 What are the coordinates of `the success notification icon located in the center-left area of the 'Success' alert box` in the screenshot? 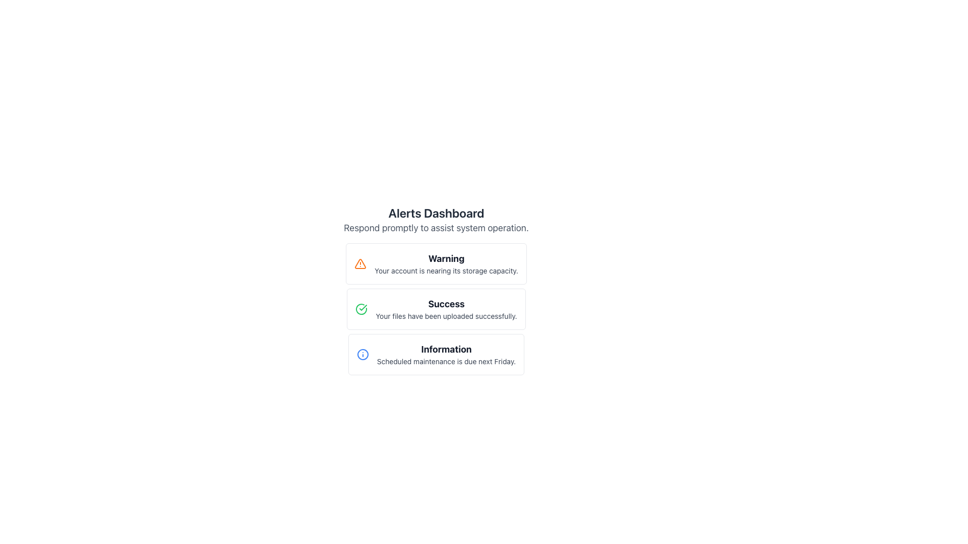 It's located at (361, 308).